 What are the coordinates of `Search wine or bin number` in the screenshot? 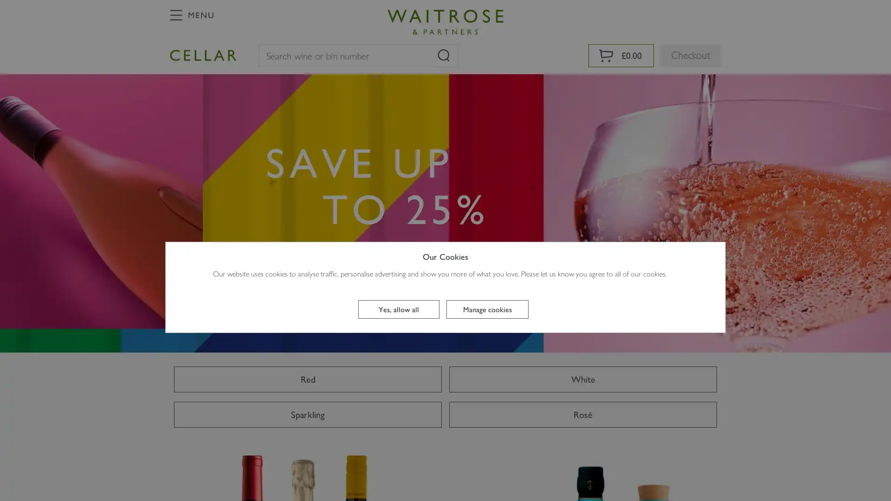 It's located at (443, 55).